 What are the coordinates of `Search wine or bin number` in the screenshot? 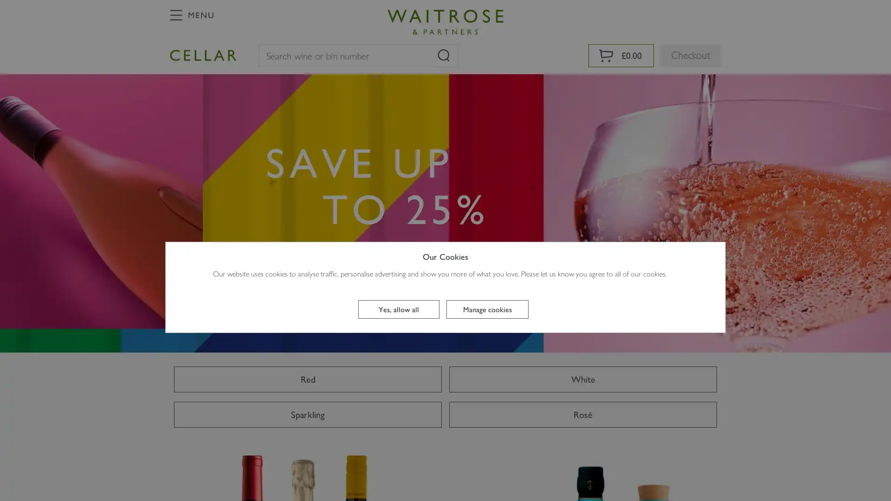 It's located at (443, 55).